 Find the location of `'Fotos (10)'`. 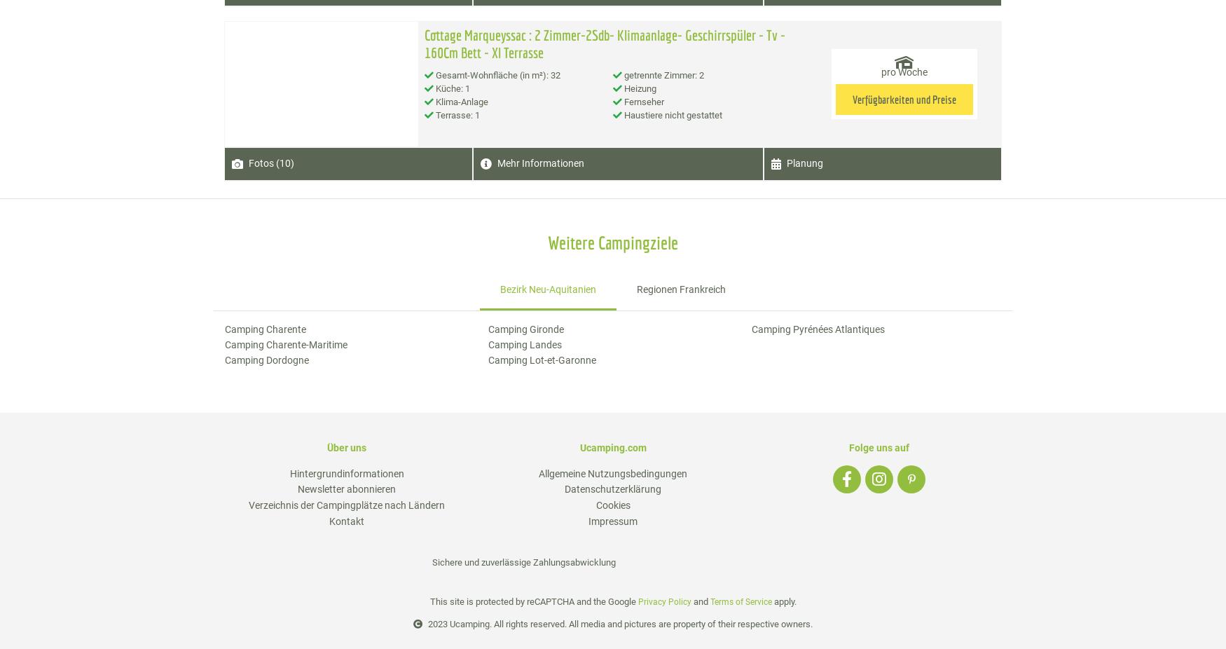

'Fotos (10)' is located at coordinates (249, 163).